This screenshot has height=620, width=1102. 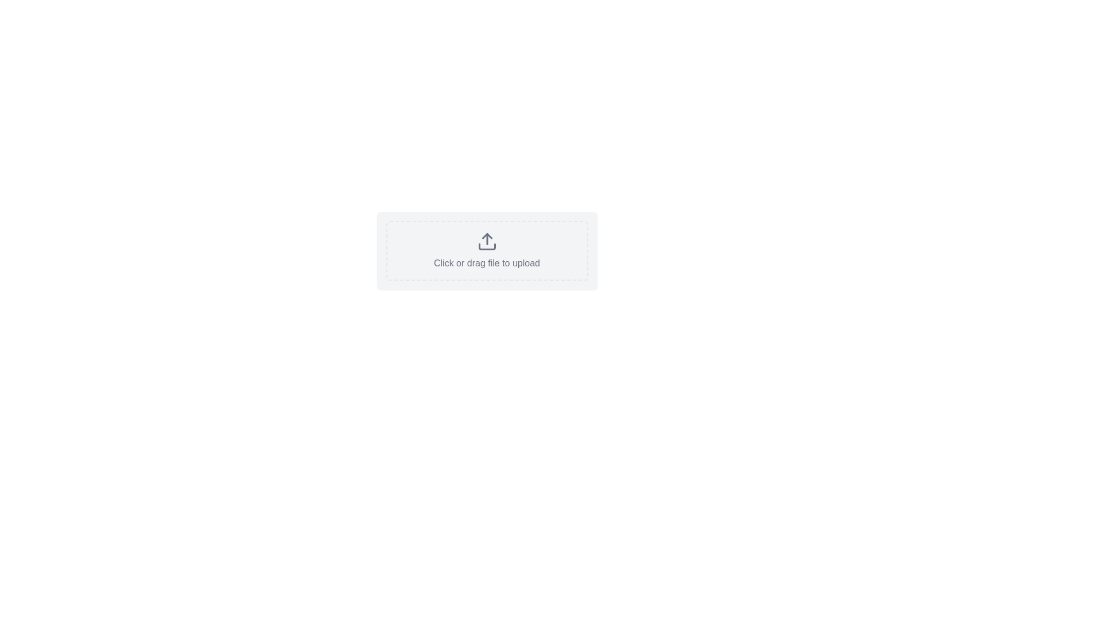 What do you see at coordinates (487, 250) in the screenshot?
I see `the Interactive upload area` at bounding box center [487, 250].